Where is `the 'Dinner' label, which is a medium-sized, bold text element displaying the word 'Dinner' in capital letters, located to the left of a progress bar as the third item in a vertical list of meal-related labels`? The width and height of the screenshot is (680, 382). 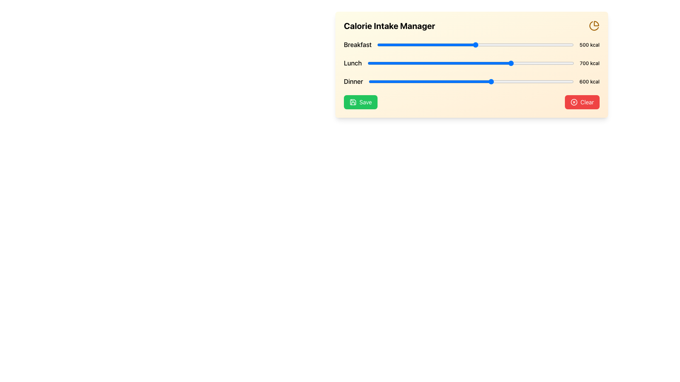
the 'Dinner' label, which is a medium-sized, bold text element displaying the word 'Dinner' in capital letters, located to the left of a progress bar as the third item in a vertical list of meal-related labels is located at coordinates (353, 81).